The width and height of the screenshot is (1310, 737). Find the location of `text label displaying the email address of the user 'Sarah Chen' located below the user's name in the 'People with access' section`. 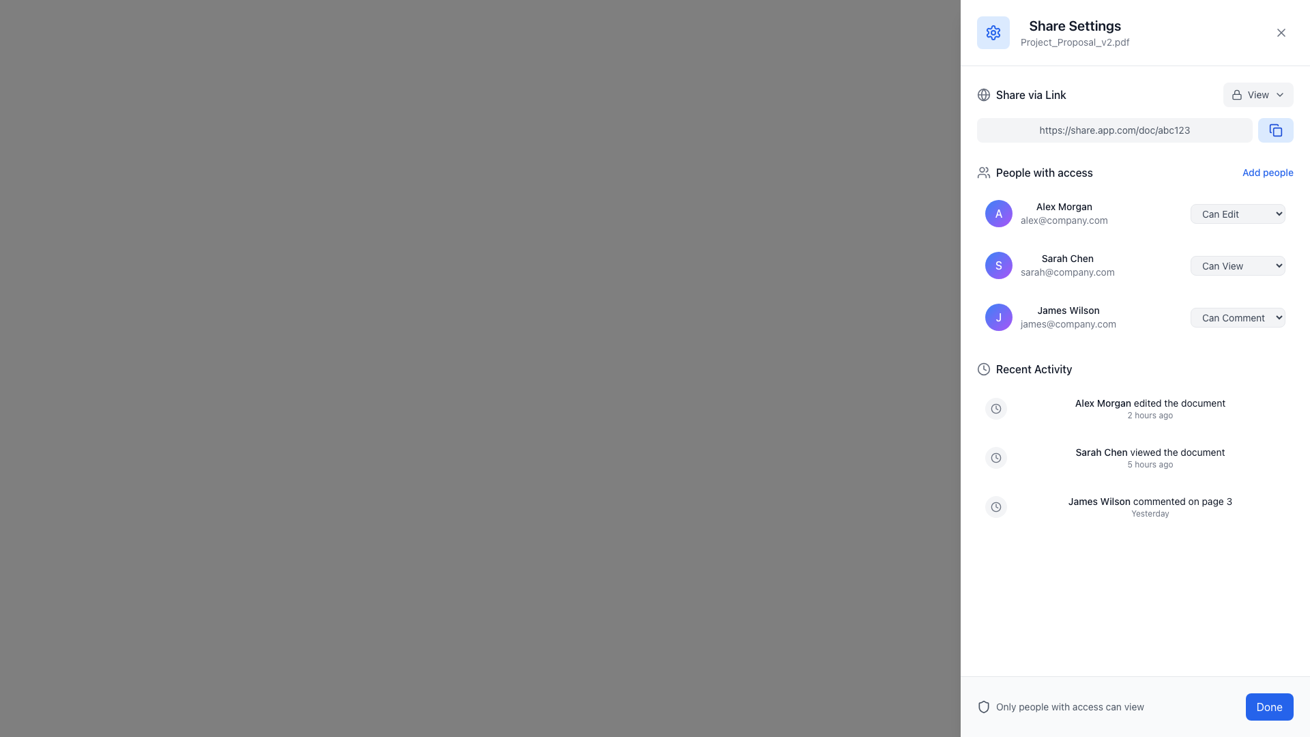

text label displaying the email address of the user 'Sarah Chen' located below the user's name in the 'People with access' section is located at coordinates (1066, 272).